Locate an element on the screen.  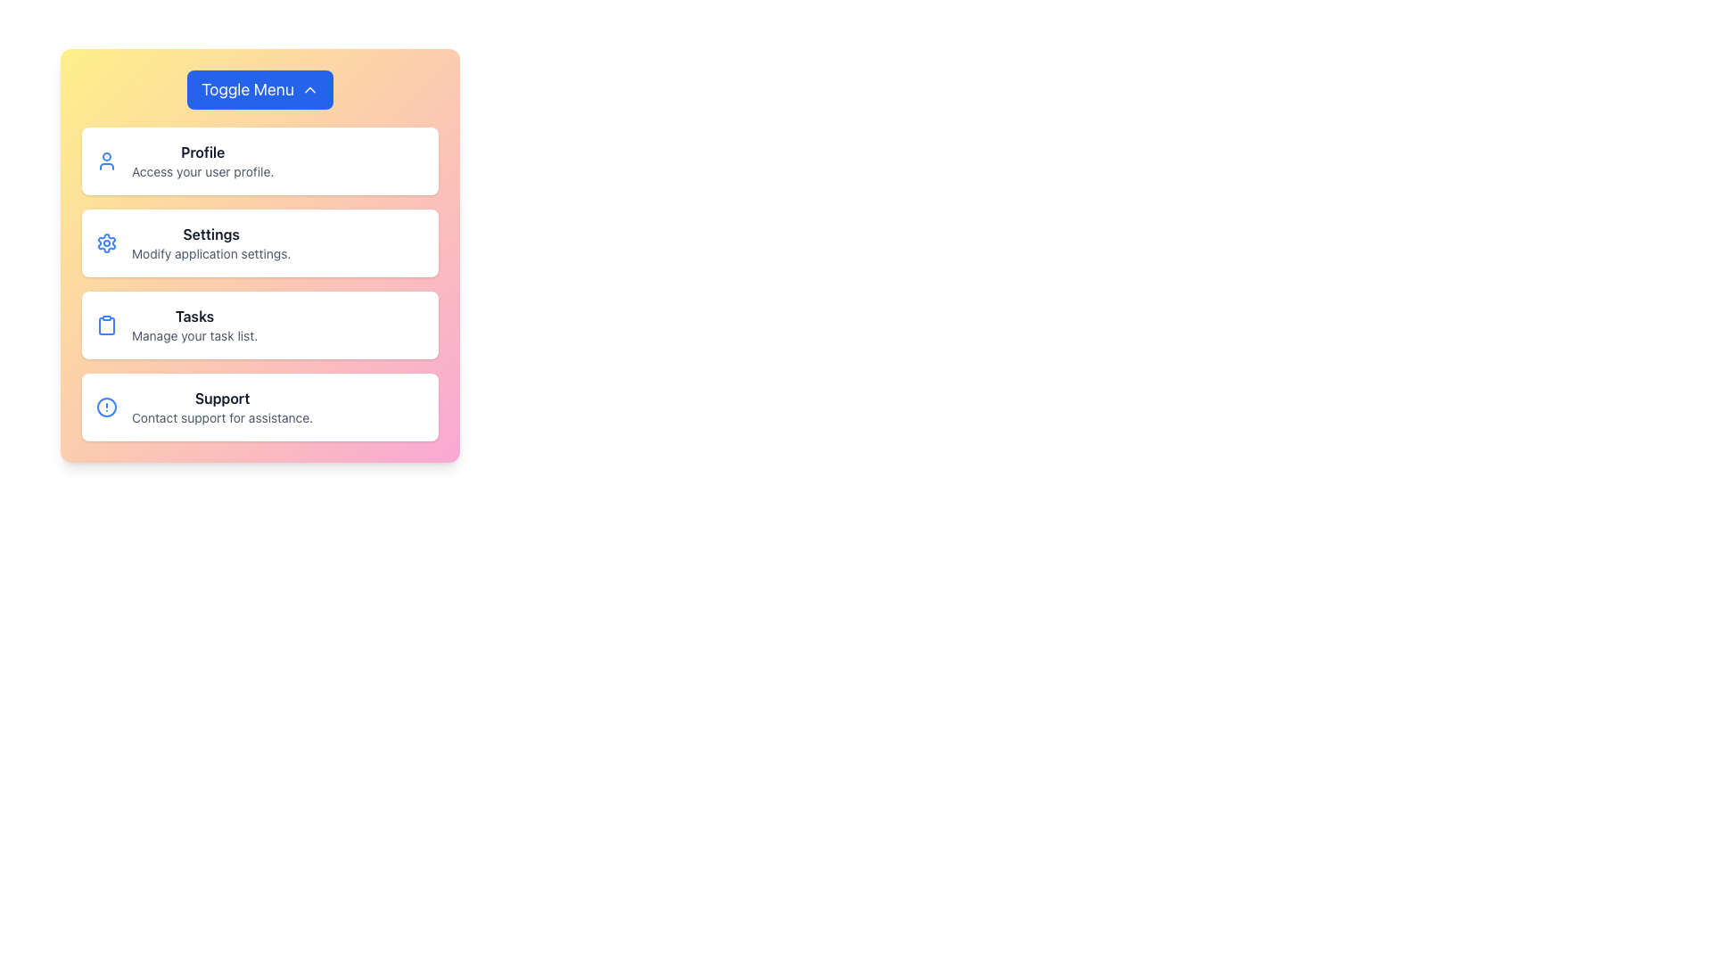
the 'Settings' menu icon is located at coordinates (106, 243).